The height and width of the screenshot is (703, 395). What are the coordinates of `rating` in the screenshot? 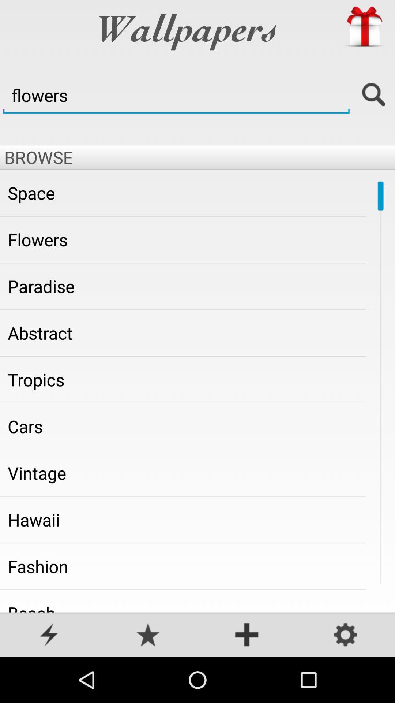 It's located at (148, 635).